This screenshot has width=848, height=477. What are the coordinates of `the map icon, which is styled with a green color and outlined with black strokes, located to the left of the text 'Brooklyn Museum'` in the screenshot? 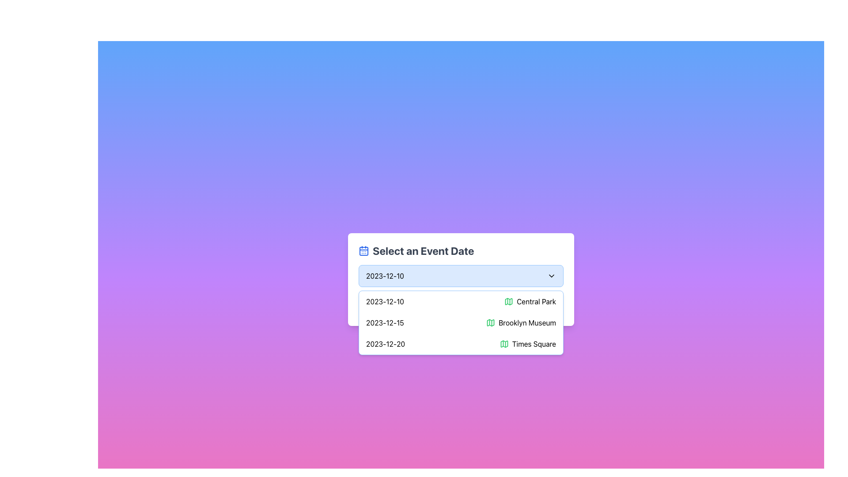 It's located at (490, 323).